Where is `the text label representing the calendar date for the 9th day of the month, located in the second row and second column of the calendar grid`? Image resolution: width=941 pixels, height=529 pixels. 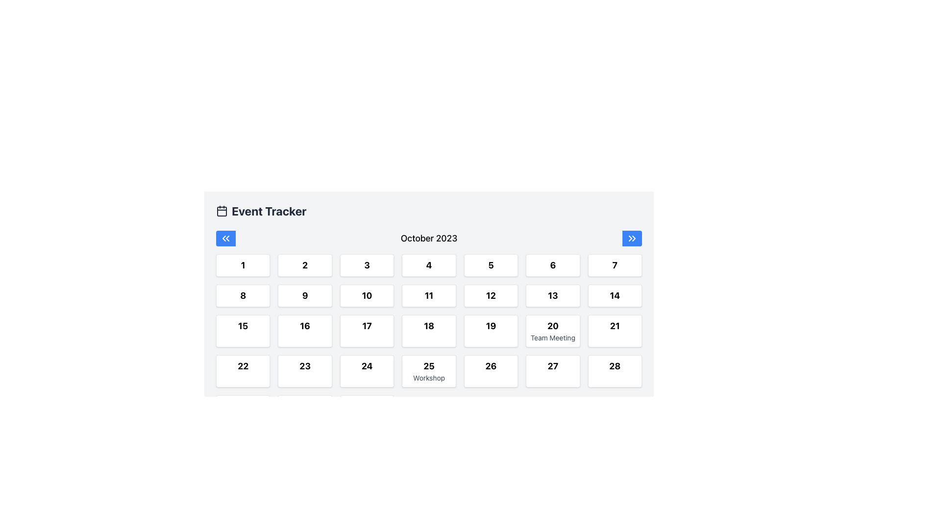
the text label representing the calendar date for the 9th day of the month, located in the second row and second column of the calendar grid is located at coordinates (304, 295).